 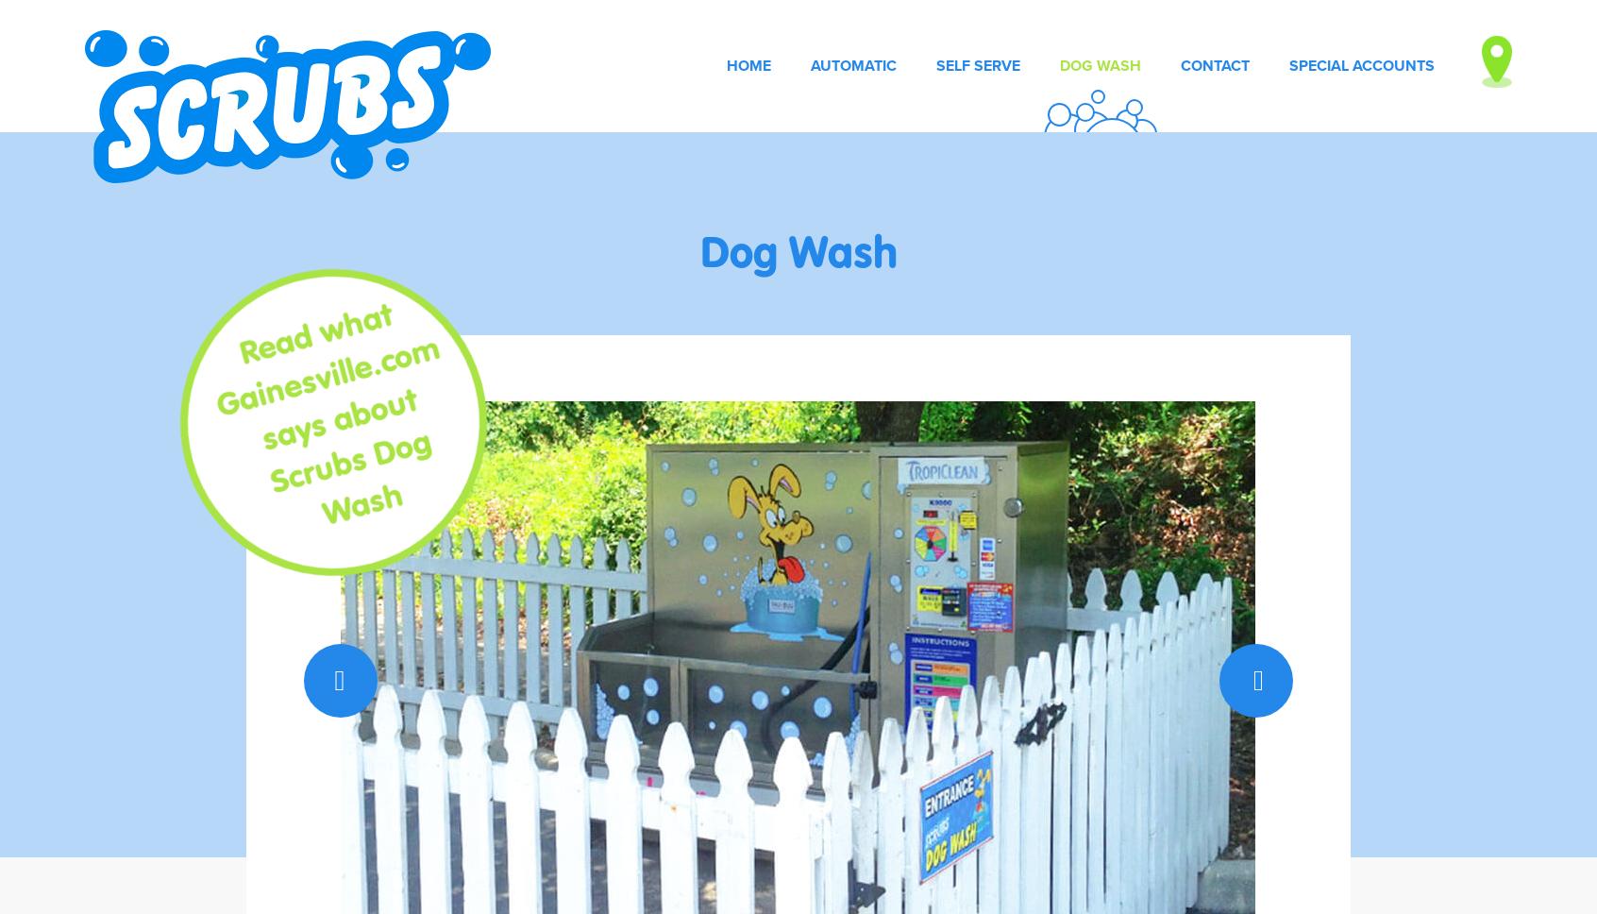 I want to click on 'Location:', so click(x=1096, y=106).